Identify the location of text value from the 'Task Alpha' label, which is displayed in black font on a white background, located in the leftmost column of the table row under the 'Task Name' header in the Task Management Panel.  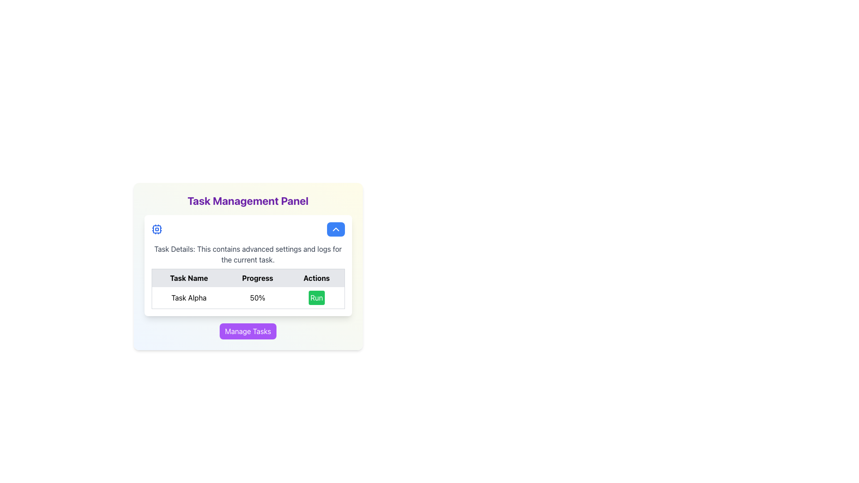
(188, 298).